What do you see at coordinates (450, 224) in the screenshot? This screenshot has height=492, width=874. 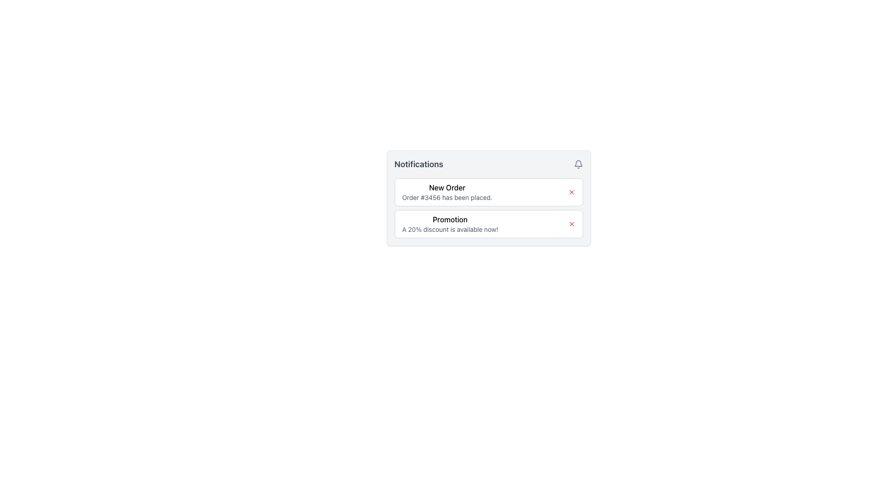 I see `the promotional offer notification text located in the second notification entry under the 'Notifications' panel, positioned beneath 'New Order' and above the dismiss 'X' button` at bounding box center [450, 224].